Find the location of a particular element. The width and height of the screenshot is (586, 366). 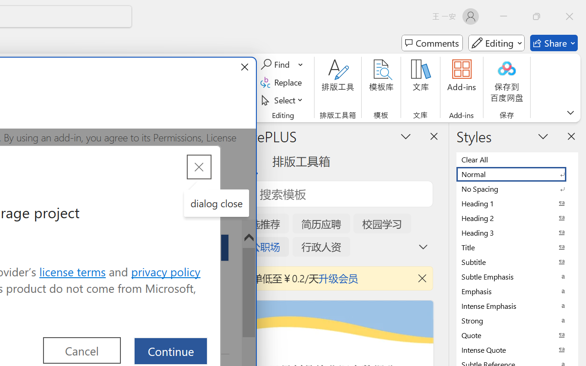

'Intense Quote' is located at coordinates (517, 350).